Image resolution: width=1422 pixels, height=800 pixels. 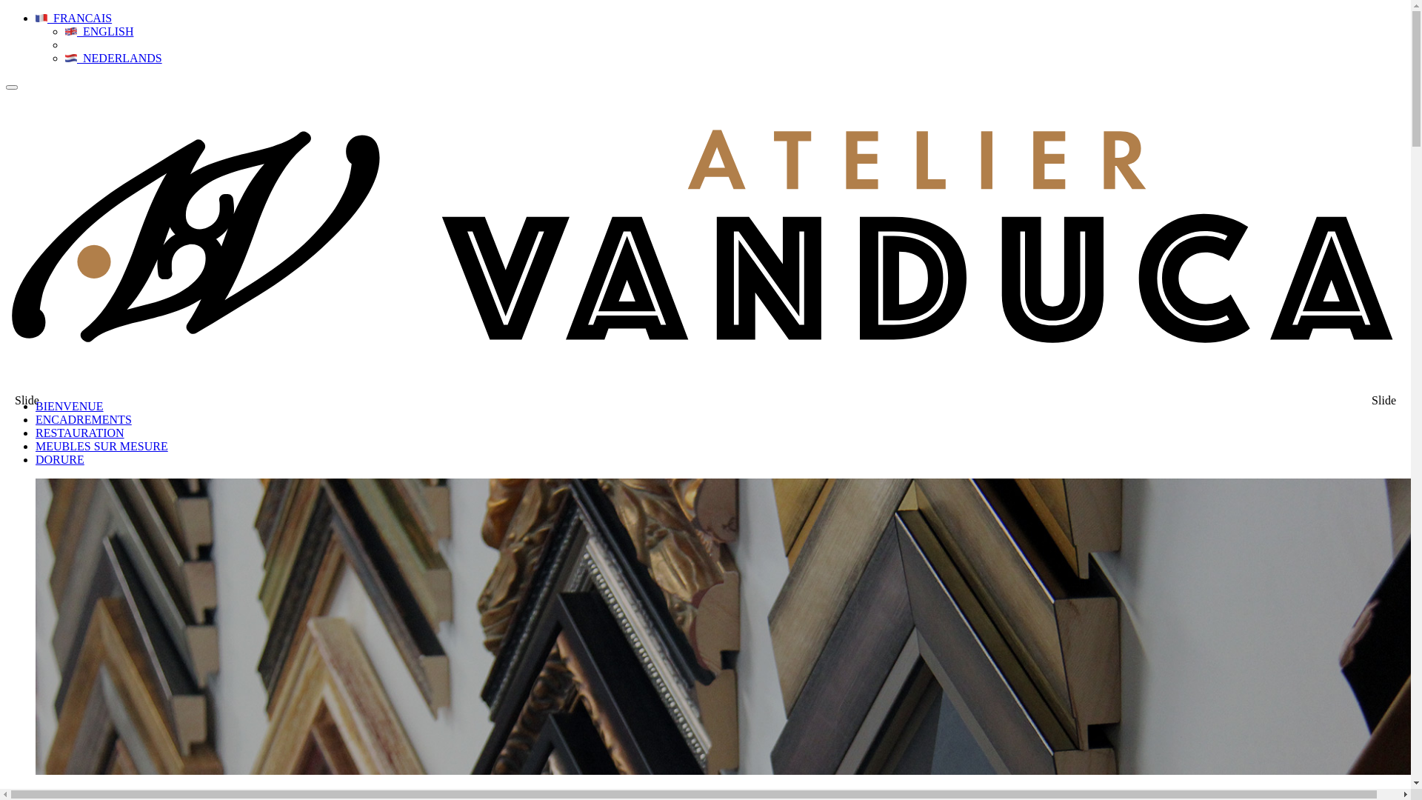 I want to click on 'BIENVENUE', so click(x=69, y=406).